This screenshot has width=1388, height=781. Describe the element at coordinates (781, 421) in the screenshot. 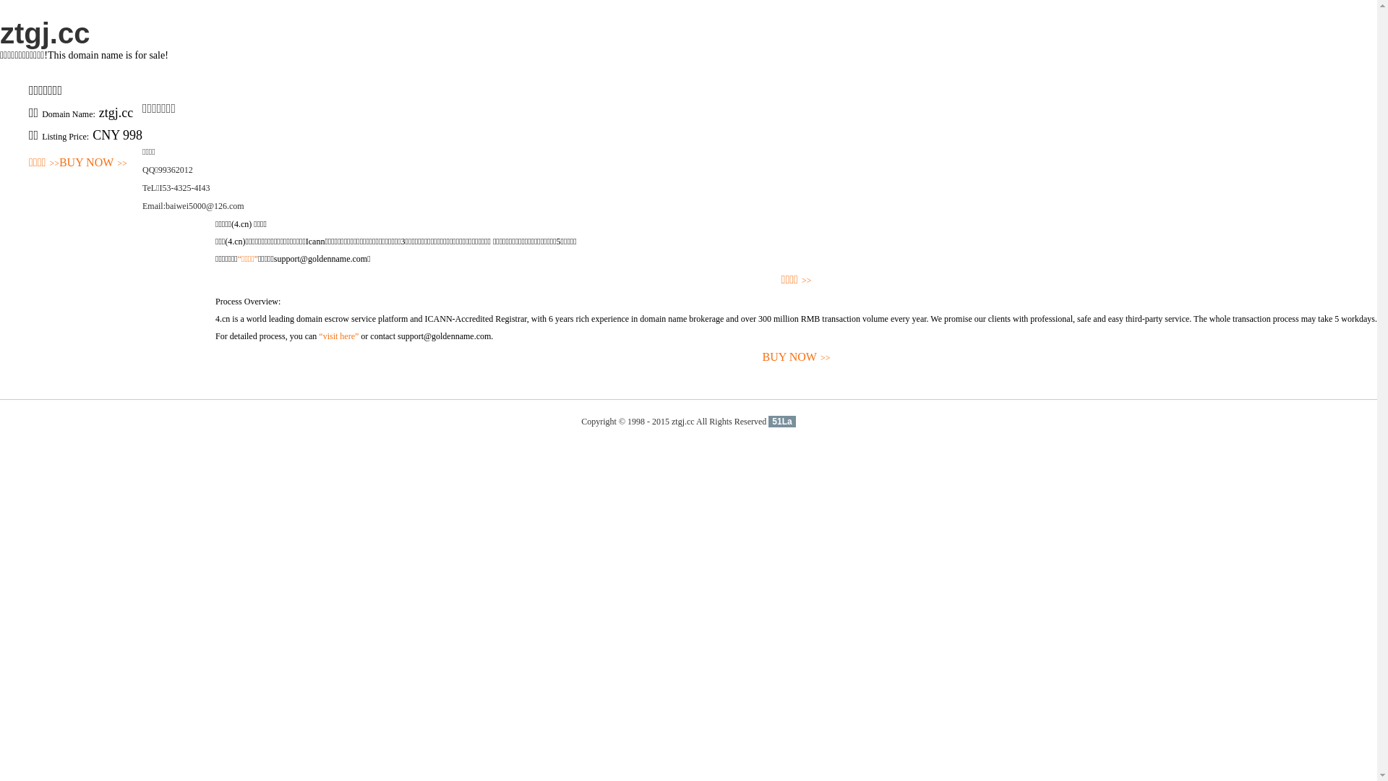

I see `'51La'` at that location.